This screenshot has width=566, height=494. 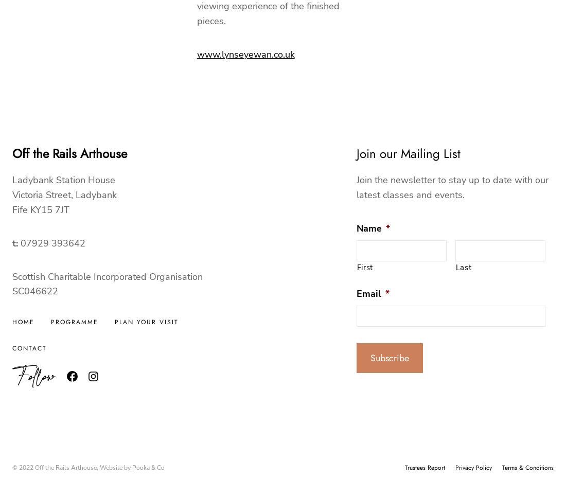 I want to click on 'Privacy Policy', so click(x=473, y=468).